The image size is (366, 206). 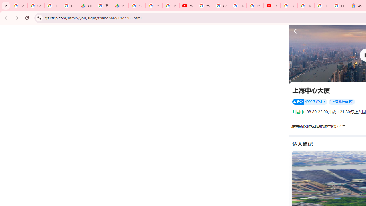 What do you see at coordinates (272, 6) in the screenshot?
I see `'Content Creator Programs & Opportunities - YouTube Creators'` at bounding box center [272, 6].